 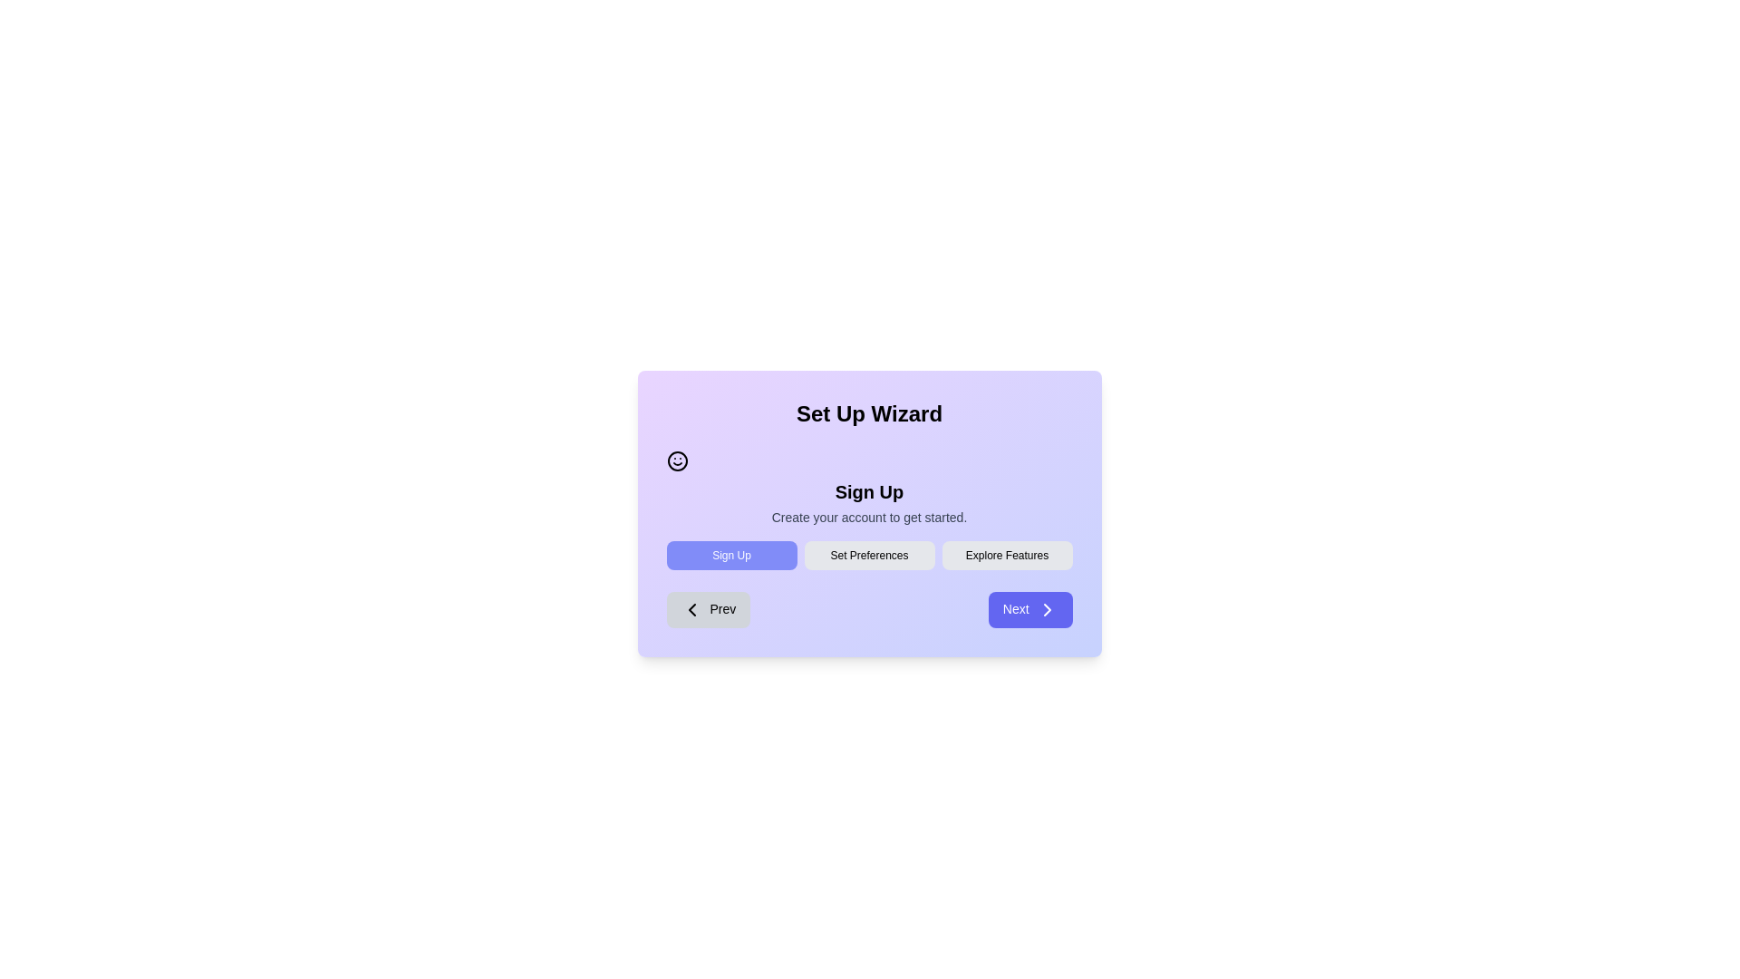 What do you see at coordinates (731, 555) in the screenshot?
I see `text label within the button that initiates the sign-up process, which is positioned in the center of the page layout and is the first button in a horizontal row` at bounding box center [731, 555].